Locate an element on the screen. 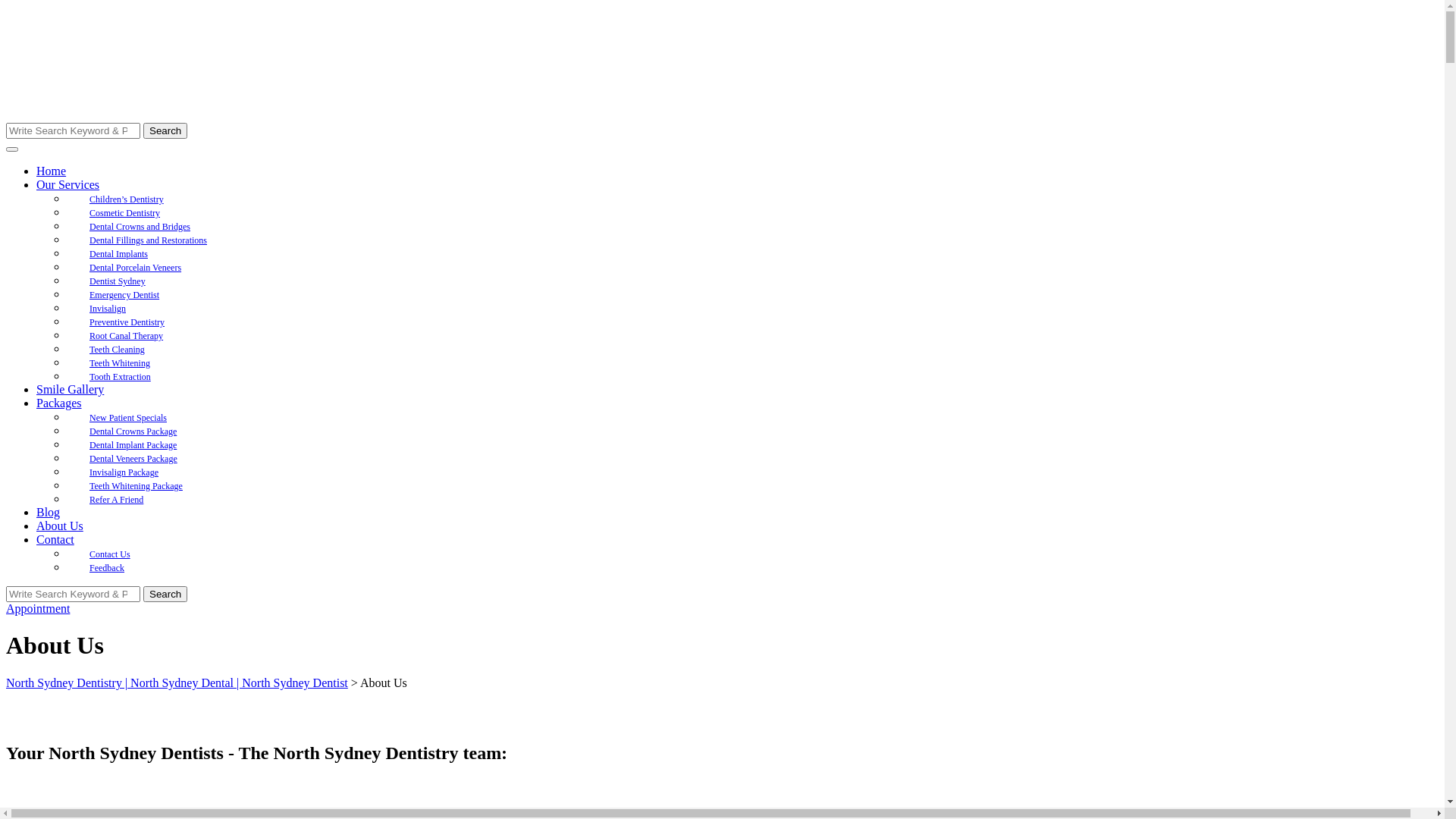 The image size is (1456, 819). 'Cosmetic Dentistry' is located at coordinates (65, 213).